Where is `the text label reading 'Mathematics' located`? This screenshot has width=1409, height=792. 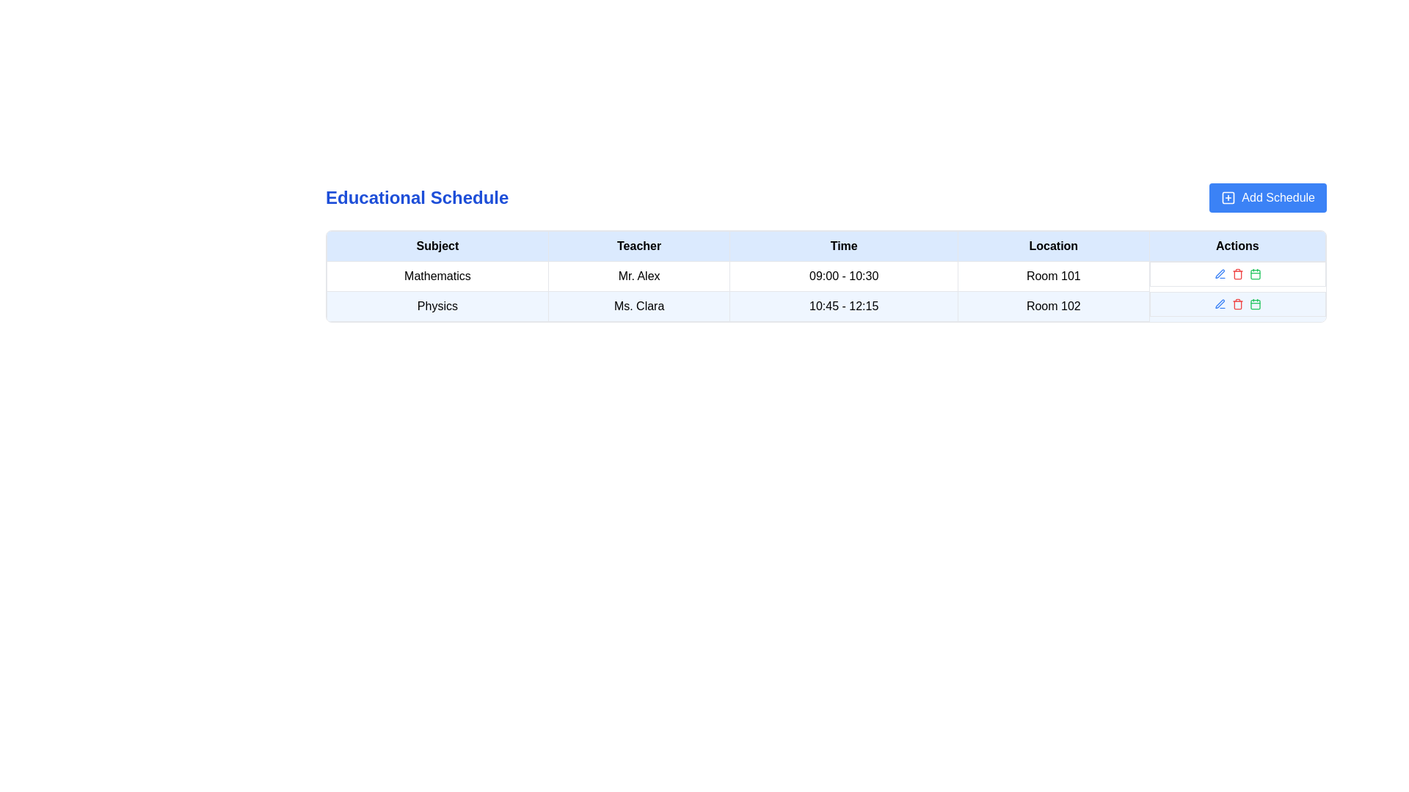
the text label reading 'Mathematics' located is located at coordinates (437, 276).